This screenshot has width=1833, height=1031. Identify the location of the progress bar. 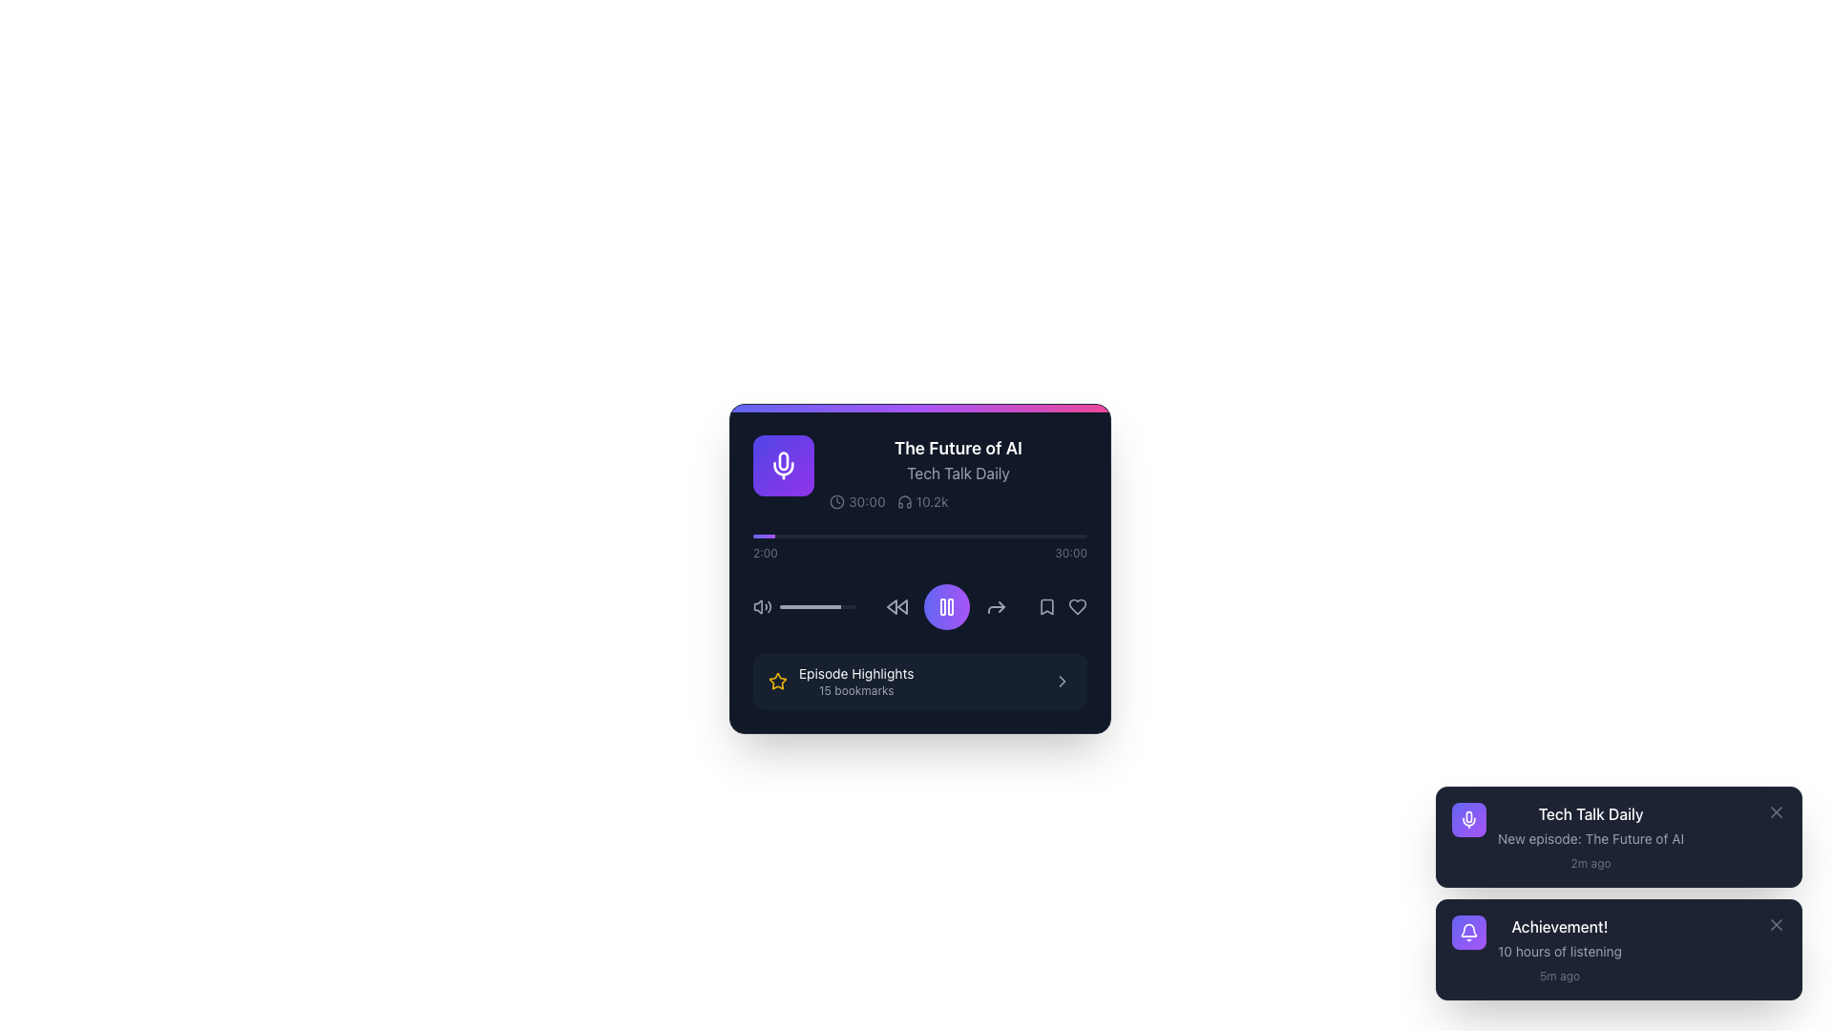
(849, 607).